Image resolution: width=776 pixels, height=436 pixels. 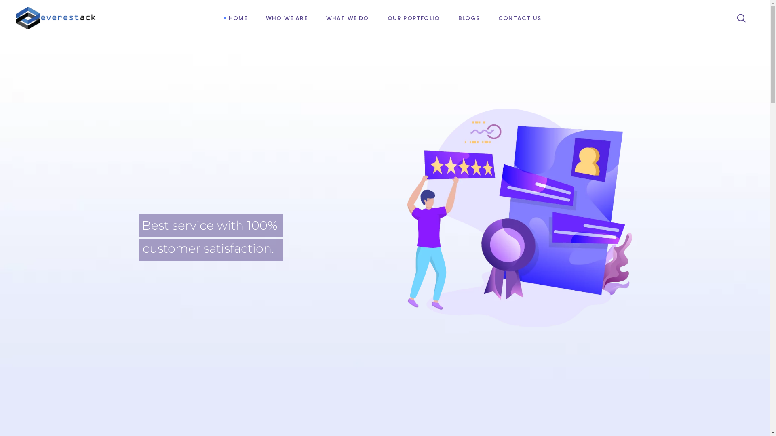 What do you see at coordinates (413, 18) in the screenshot?
I see `'OUR PORTFOLIO'` at bounding box center [413, 18].